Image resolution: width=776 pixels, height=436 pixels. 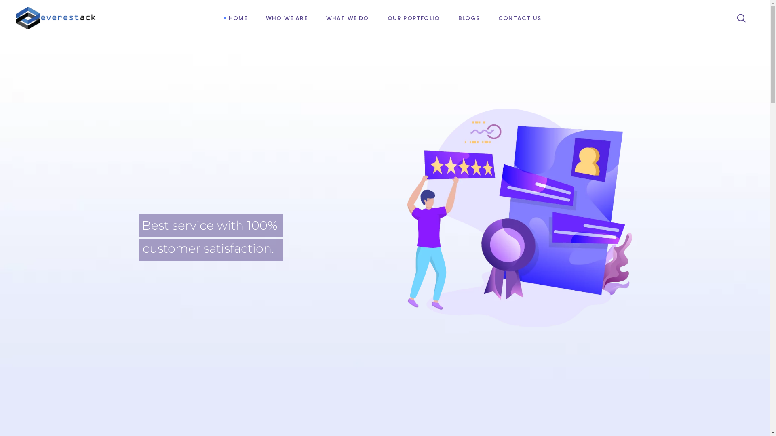 What do you see at coordinates (413, 18) in the screenshot?
I see `'OUR PORTFOLIO'` at bounding box center [413, 18].